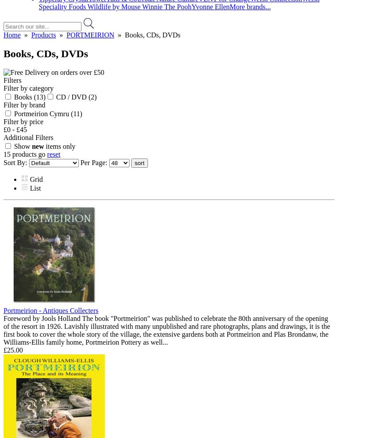 Image resolution: width=377 pixels, height=438 pixels. Describe the element at coordinates (94, 162) in the screenshot. I see `'Per Page:'` at that location.